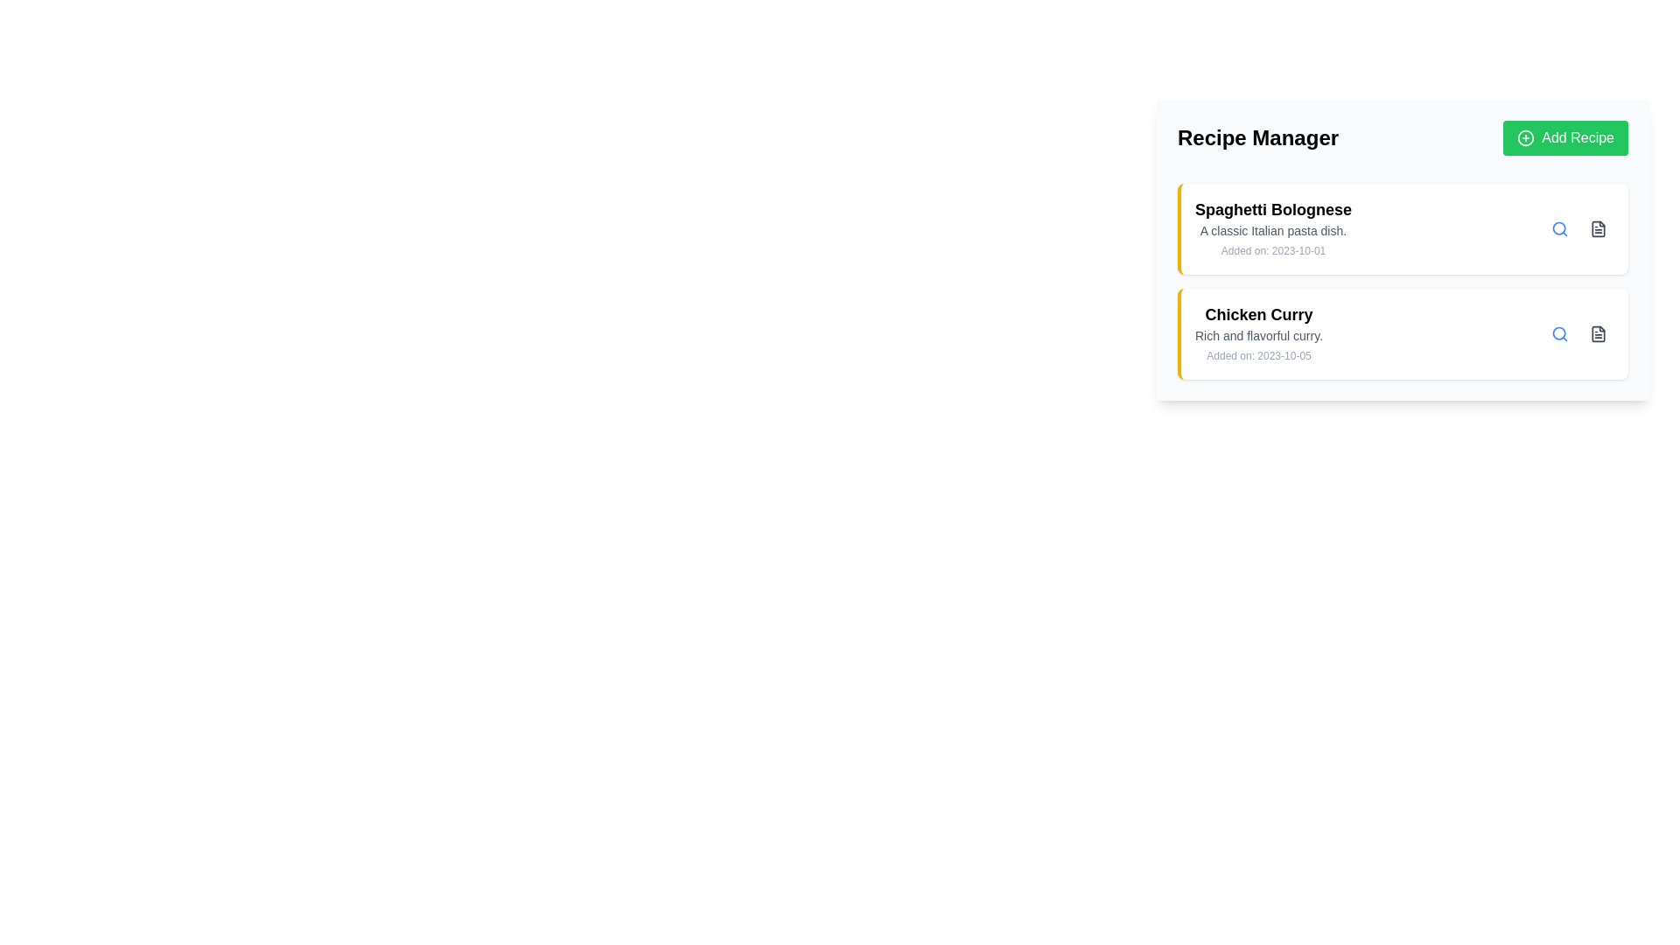  Describe the element at coordinates (1559, 228) in the screenshot. I see `the search button located at the top-right corner of the 'Spaghetti Bolognese' recipe entry in the Recipe Manager list to trigger hover effects` at that location.